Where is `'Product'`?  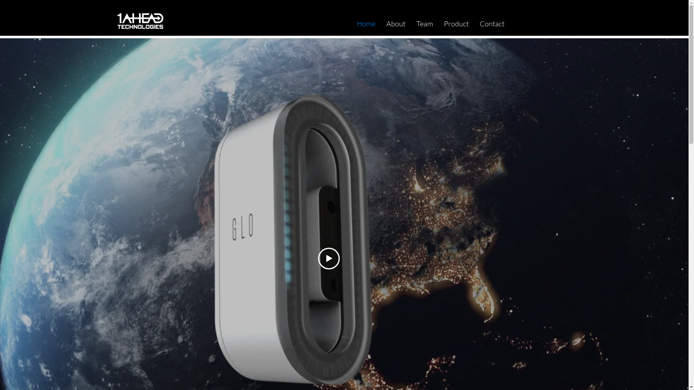
'Product' is located at coordinates (456, 23).